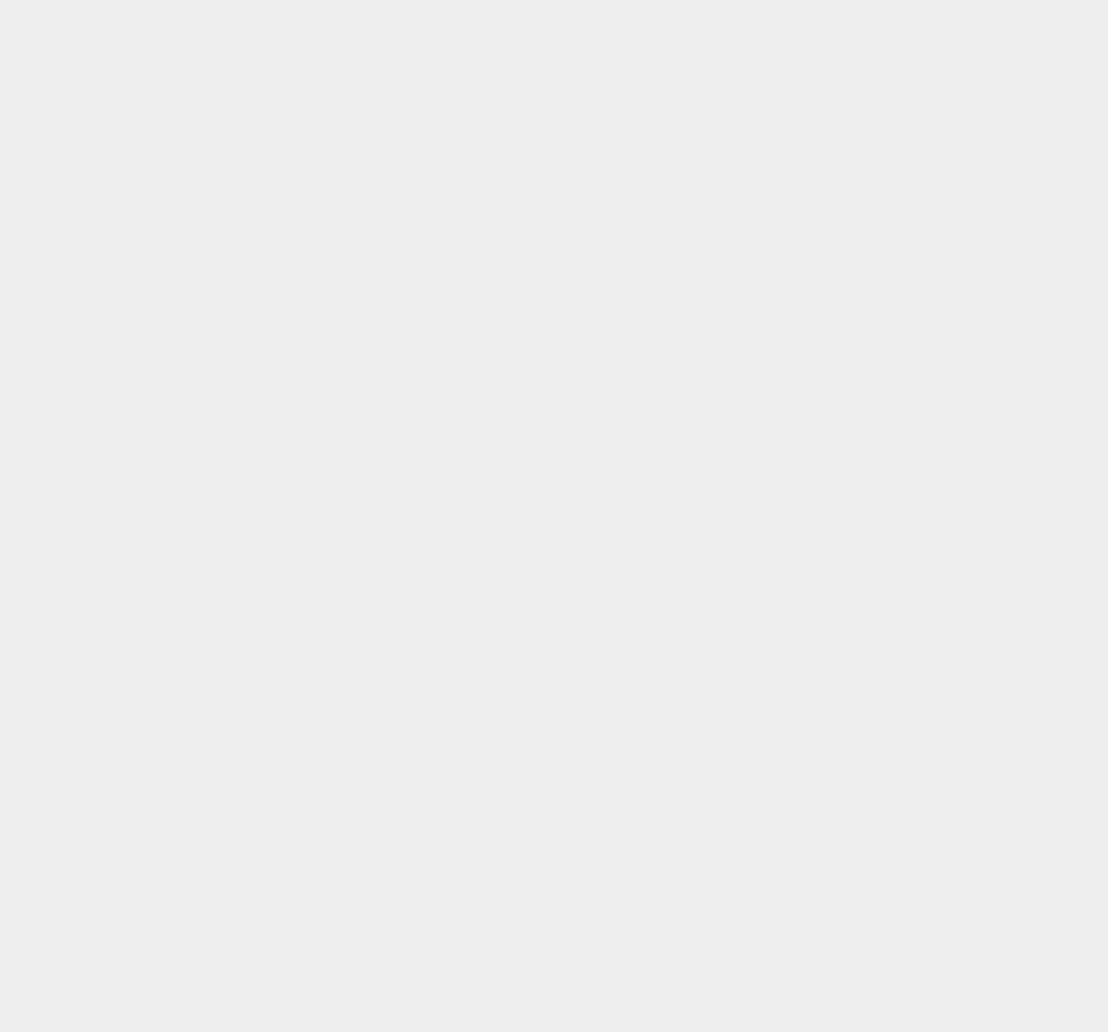  What do you see at coordinates (807, 907) in the screenshot?
I see `'Symbian'` at bounding box center [807, 907].